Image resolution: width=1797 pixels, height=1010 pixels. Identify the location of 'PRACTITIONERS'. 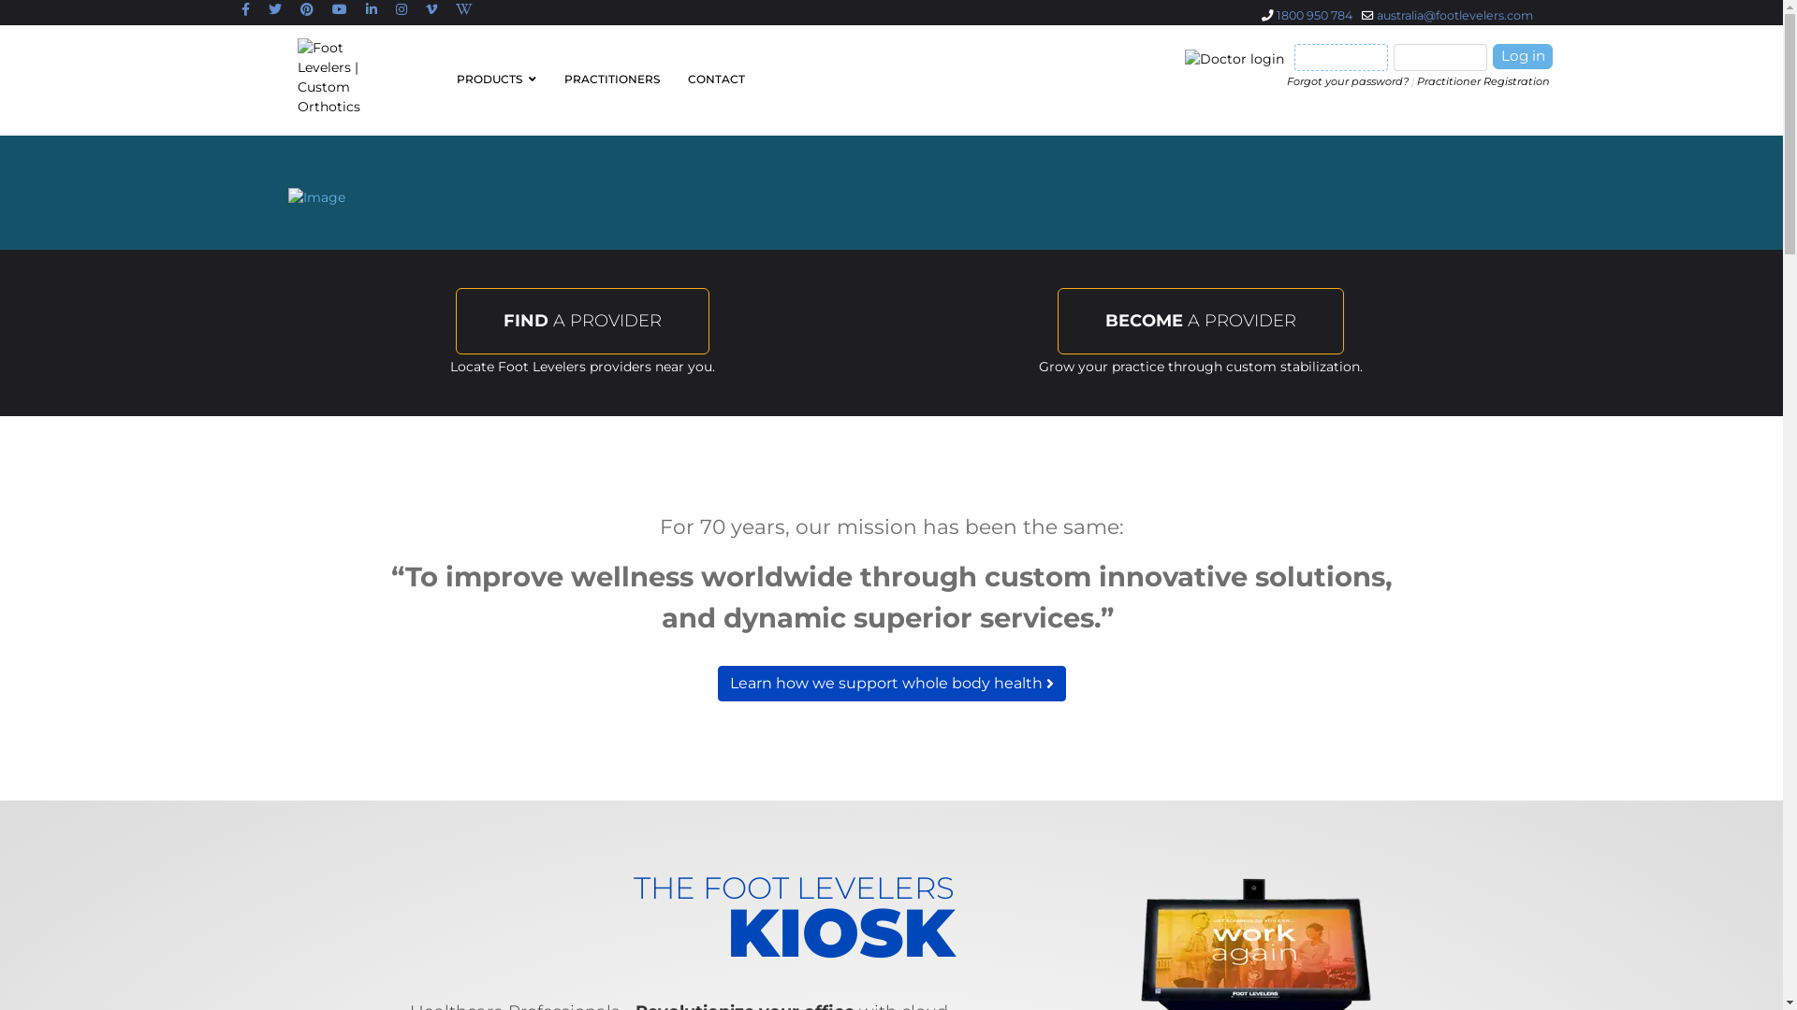
(611, 78).